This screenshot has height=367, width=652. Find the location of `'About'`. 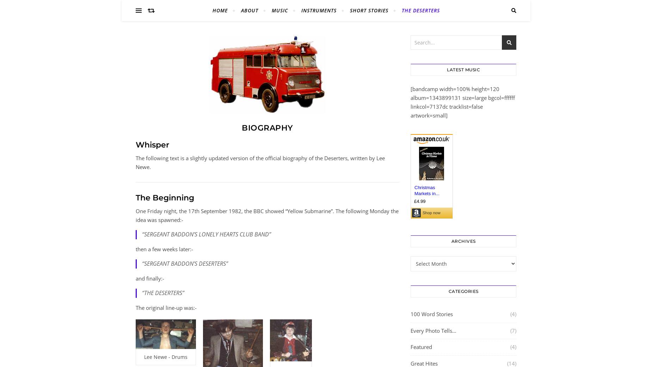

'About' is located at coordinates (241, 10).